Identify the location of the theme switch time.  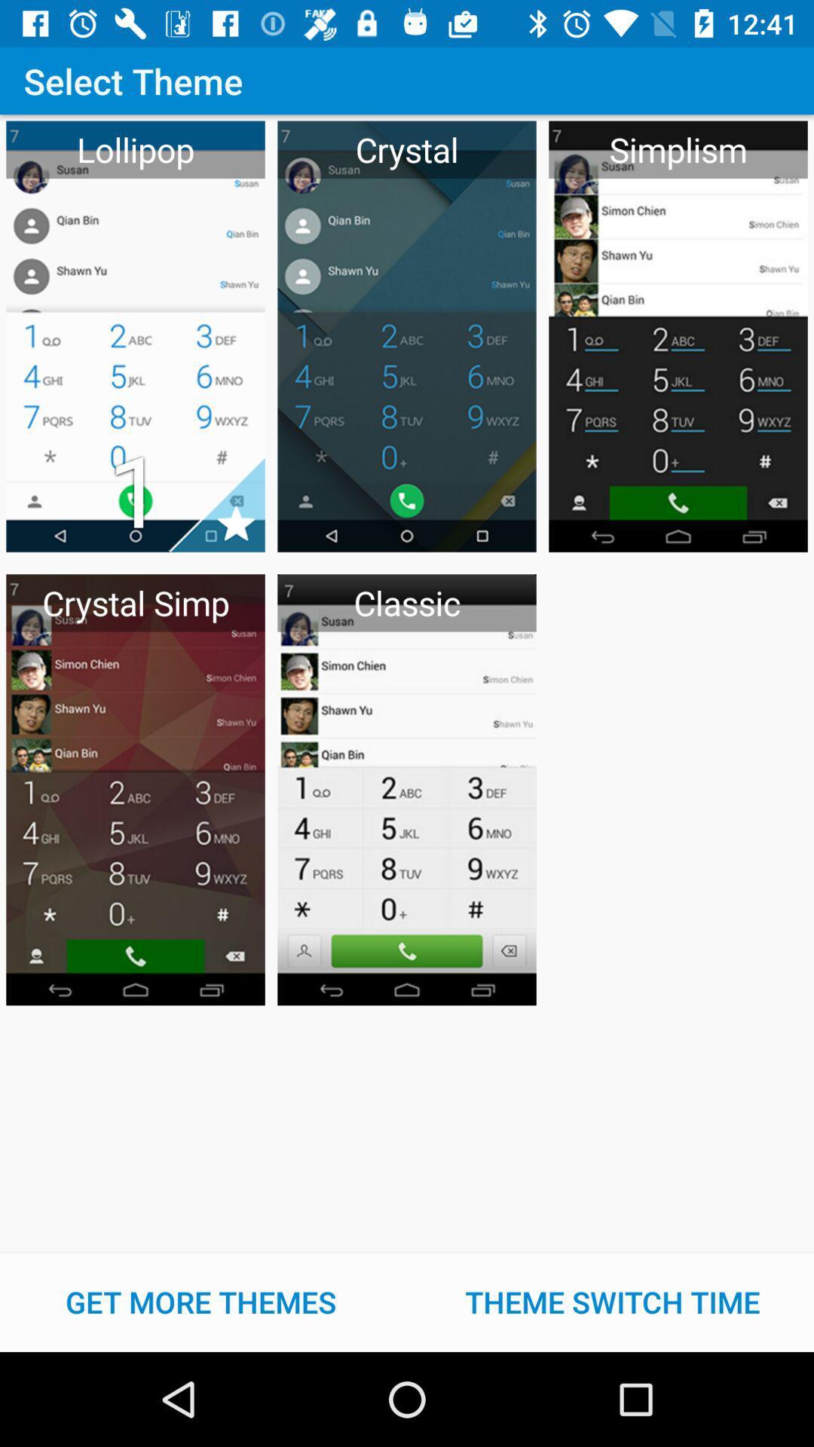
(613, 1302).